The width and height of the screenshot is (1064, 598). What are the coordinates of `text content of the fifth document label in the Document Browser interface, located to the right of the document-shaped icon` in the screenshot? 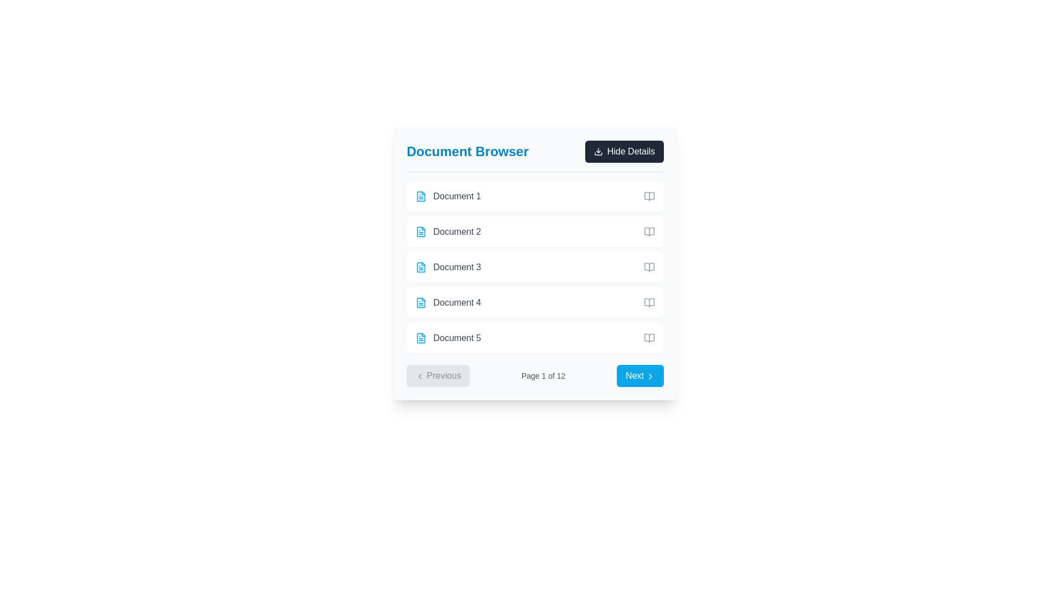 It's located at (457, 337).